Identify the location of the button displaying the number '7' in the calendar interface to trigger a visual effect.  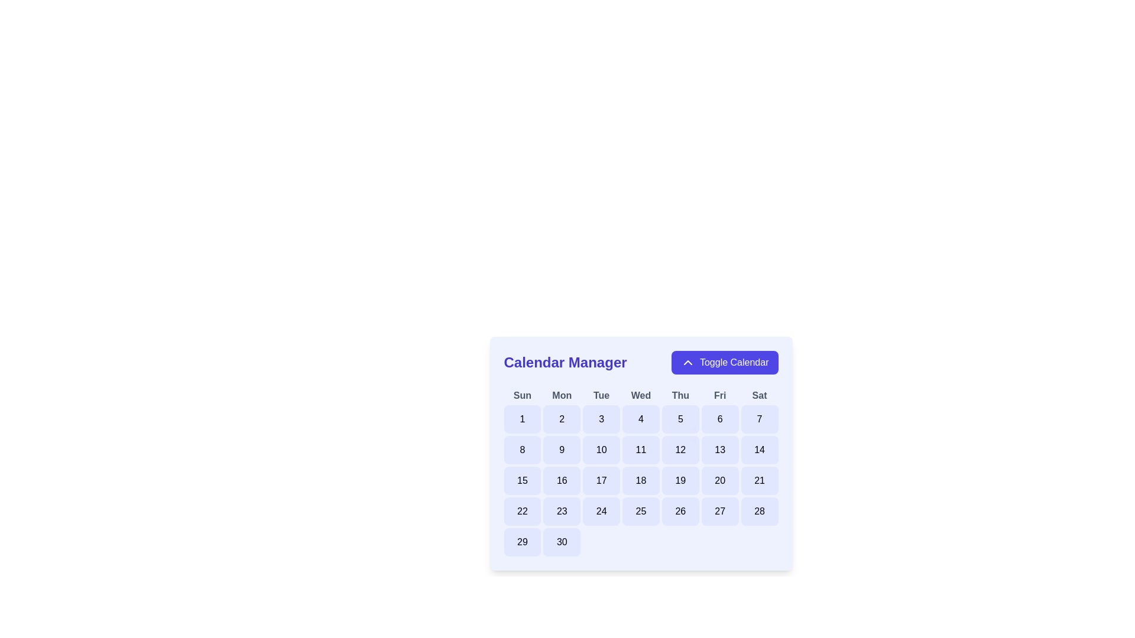
(760, 418).